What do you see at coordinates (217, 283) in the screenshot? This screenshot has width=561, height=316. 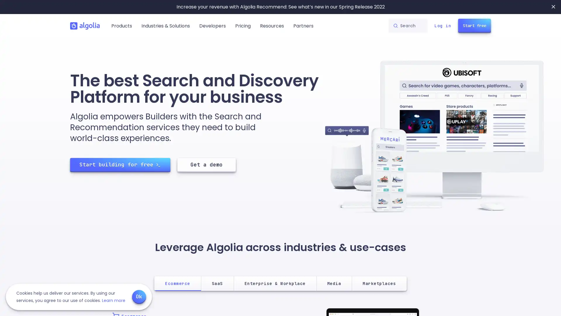 I see `SaaS` at bounding box center [217, 283].